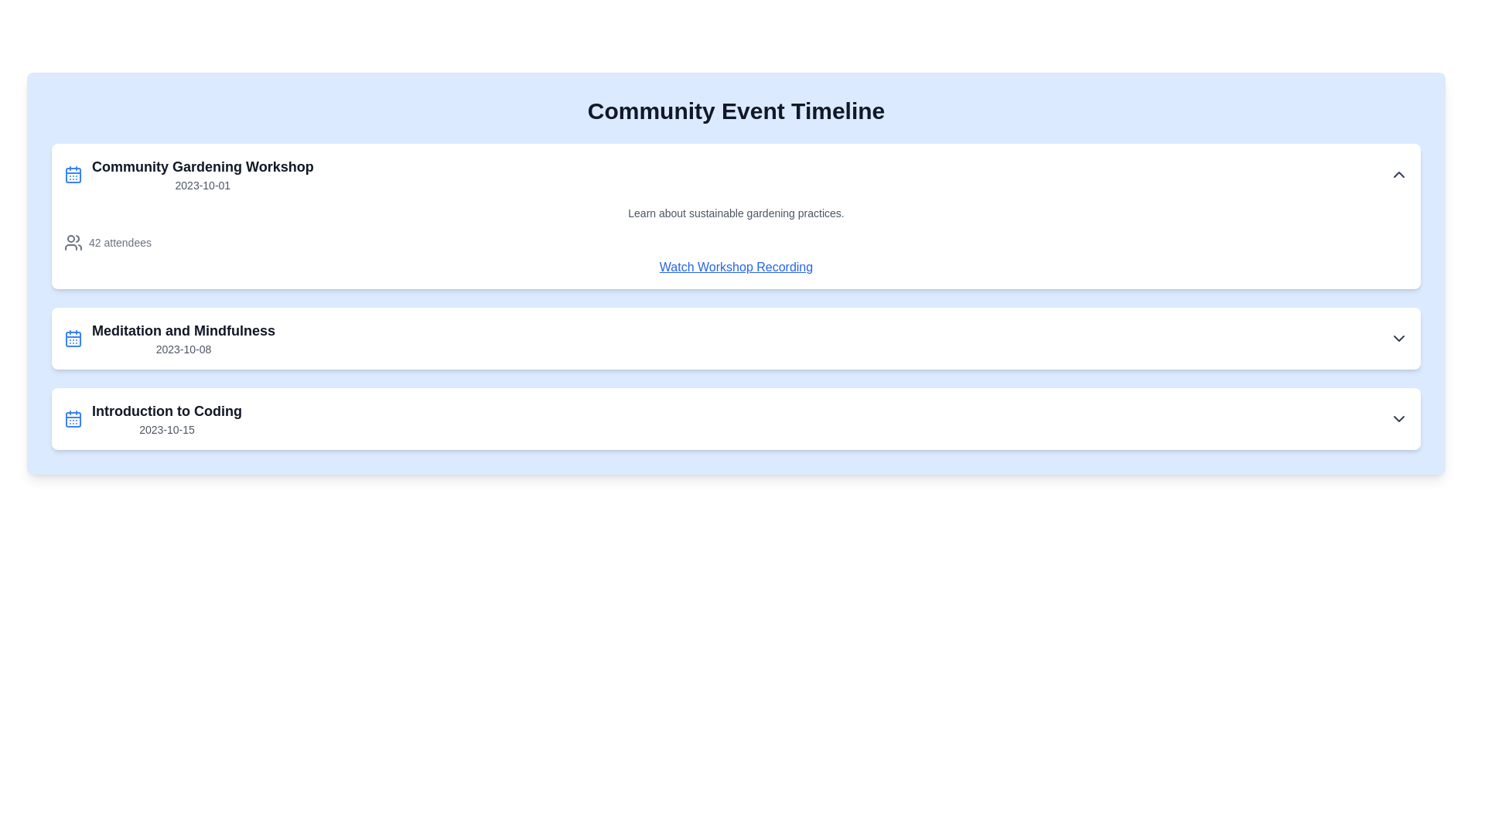 Image resolution: width=1485 pixels, height=835 pixels. I want to click on the upward-facing triangle icon button located at the far-right side of the 'Community Gardening Workshop' section, so click(1399, 174).